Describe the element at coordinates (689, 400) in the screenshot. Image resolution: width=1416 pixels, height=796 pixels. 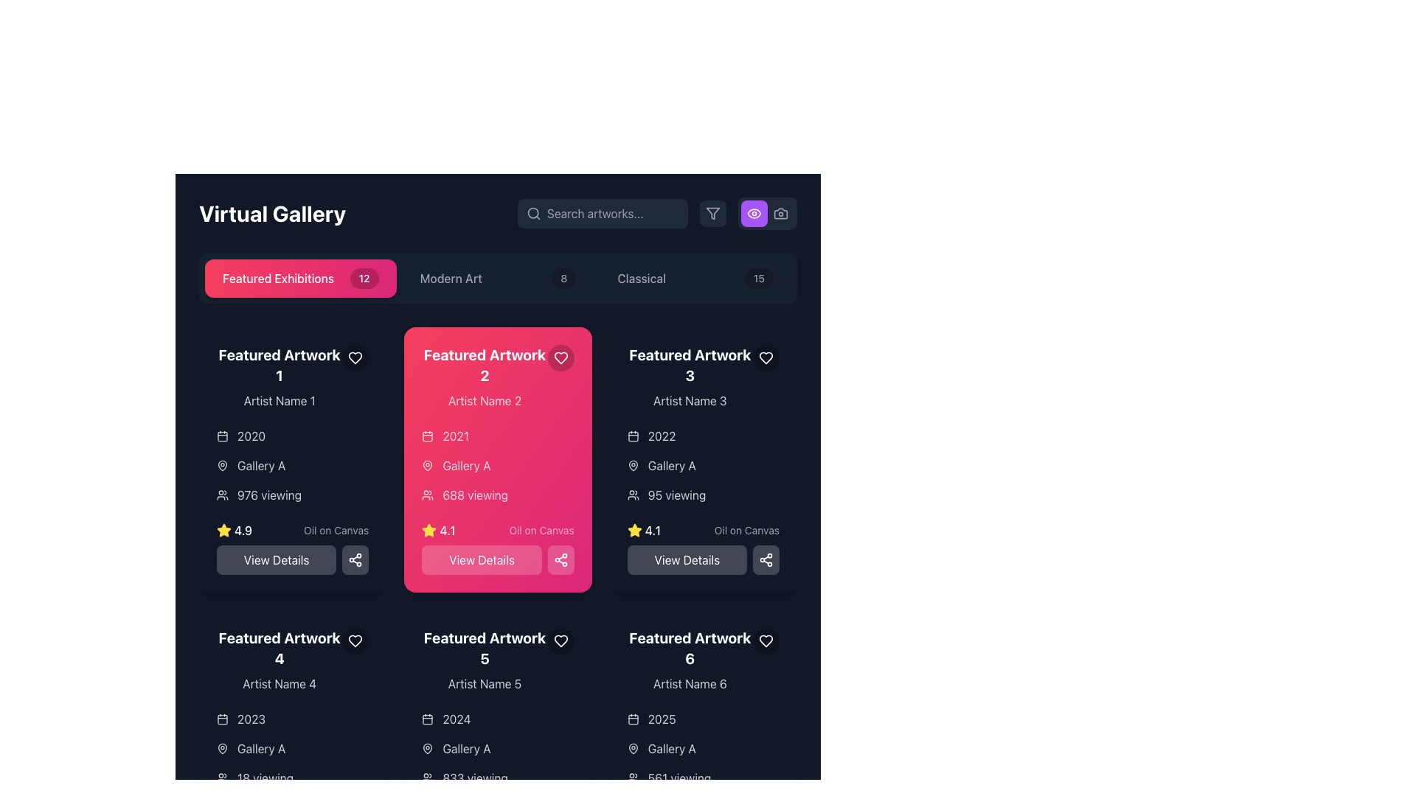
I see `the 'Artist Name 3' text label, which is displayed in light gray font with a semi-transparent effect, located below the title 'Featured Artwork 3' in the top-right section of the artwork card` at that location.